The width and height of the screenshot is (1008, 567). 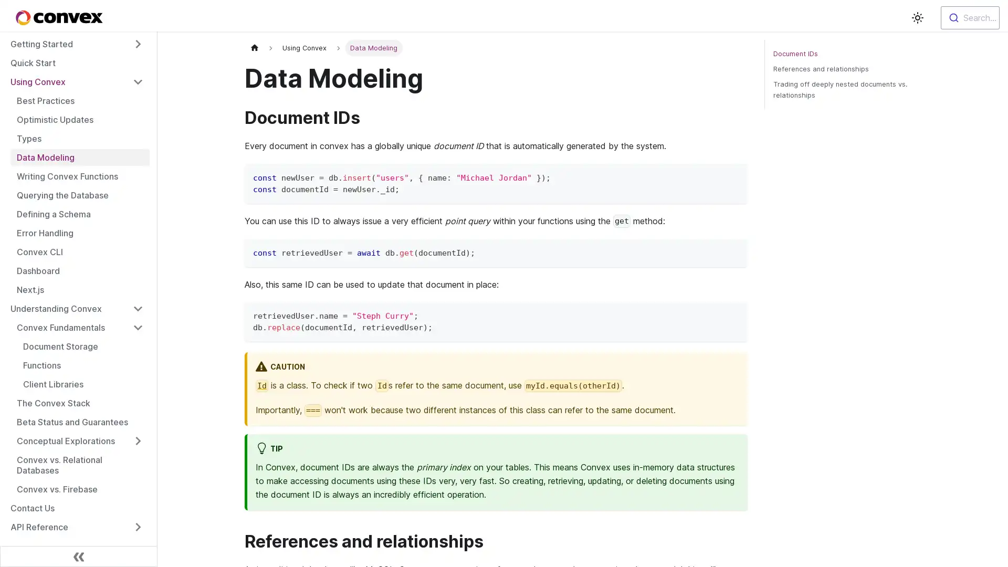 What do you see at coordinates (734, 175) in the screenshot?
I see `Copy code to clipboard` at bounding box center [734, 175].